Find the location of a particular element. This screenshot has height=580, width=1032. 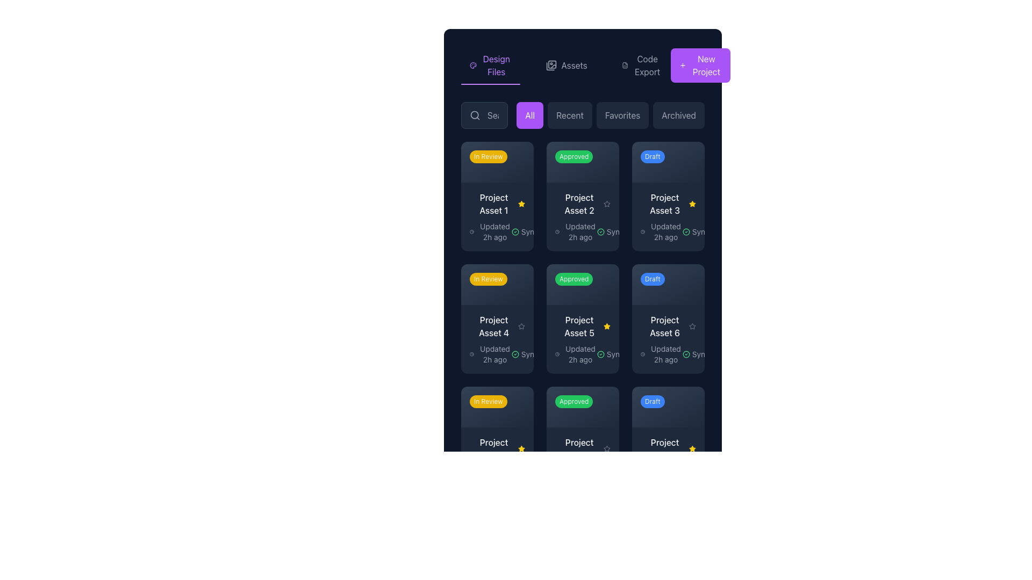

the interactive star icon located to the right of the text 'Project Asset 4' is located at coordinates (521, 325).